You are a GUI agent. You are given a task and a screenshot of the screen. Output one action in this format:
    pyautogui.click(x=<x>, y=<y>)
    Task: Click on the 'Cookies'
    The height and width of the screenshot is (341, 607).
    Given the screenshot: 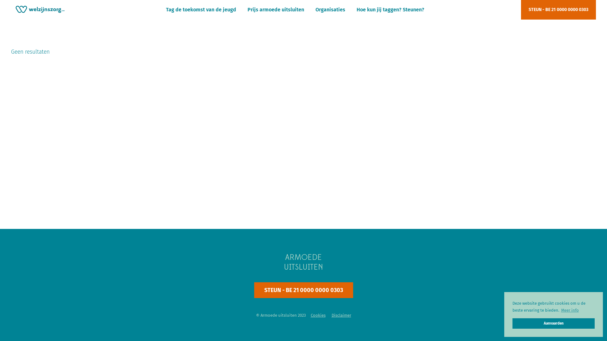 What is the action you would take?
    pyautogui.click(x=318, y=315)
    